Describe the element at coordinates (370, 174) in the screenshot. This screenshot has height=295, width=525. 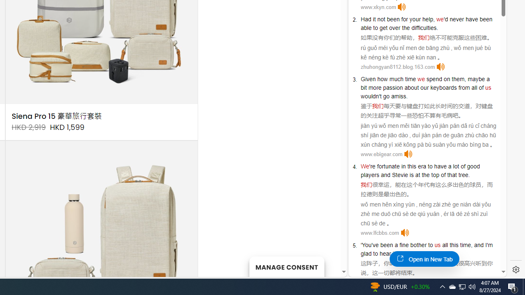
I see `'players'` at that location.